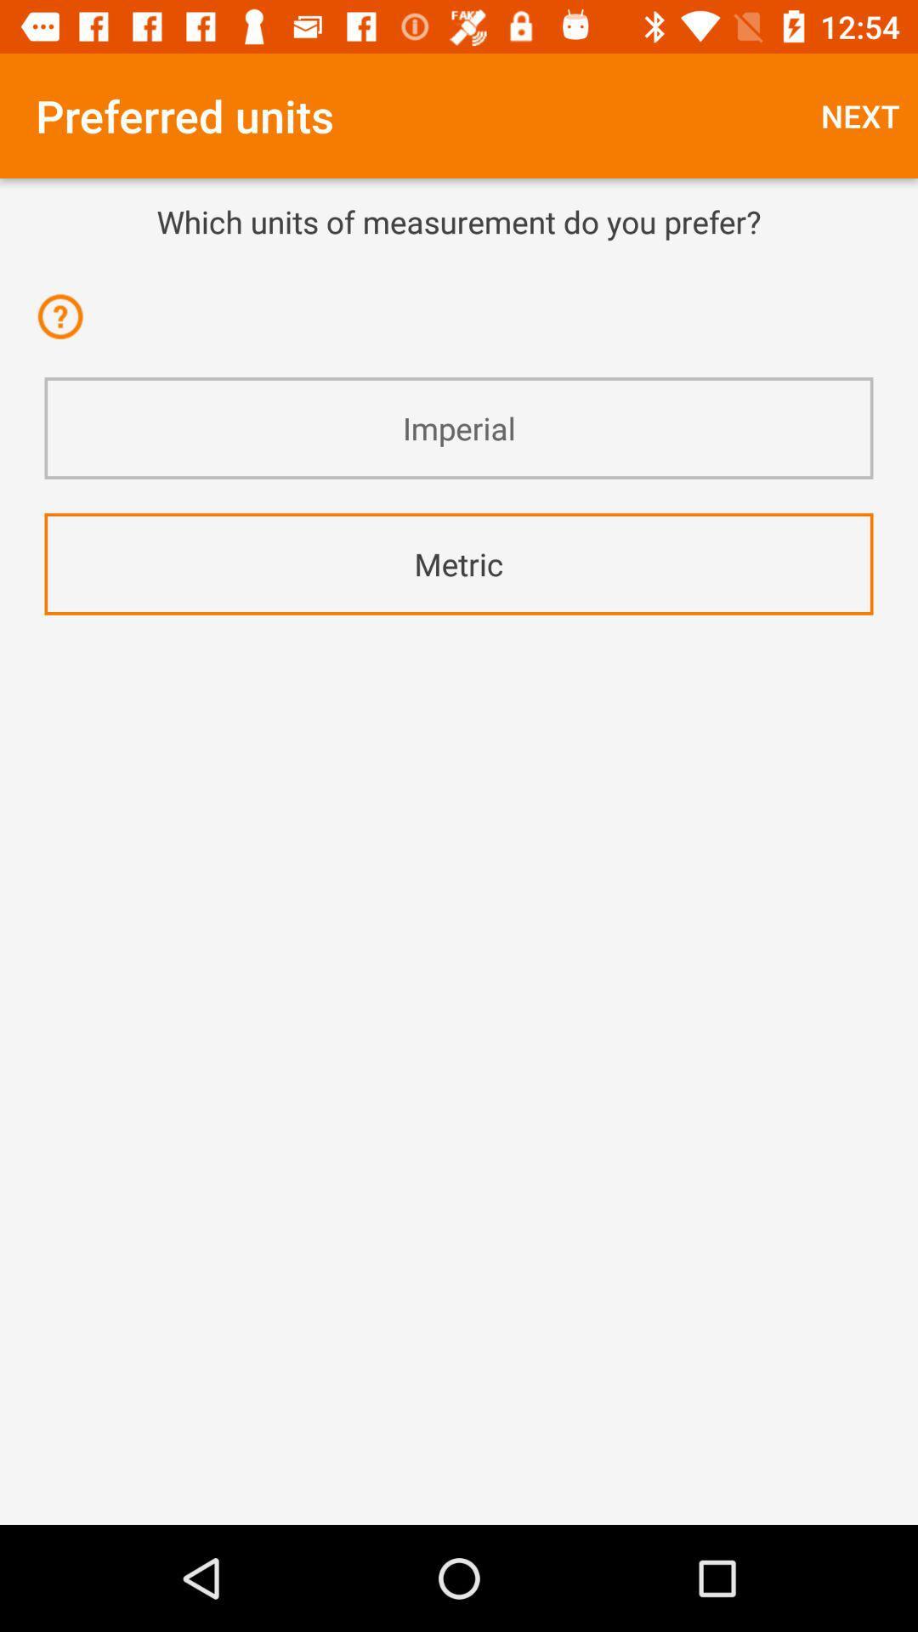 The height and width of the screenshot is (1632, 918). I want to click on next, so click(860, 115).